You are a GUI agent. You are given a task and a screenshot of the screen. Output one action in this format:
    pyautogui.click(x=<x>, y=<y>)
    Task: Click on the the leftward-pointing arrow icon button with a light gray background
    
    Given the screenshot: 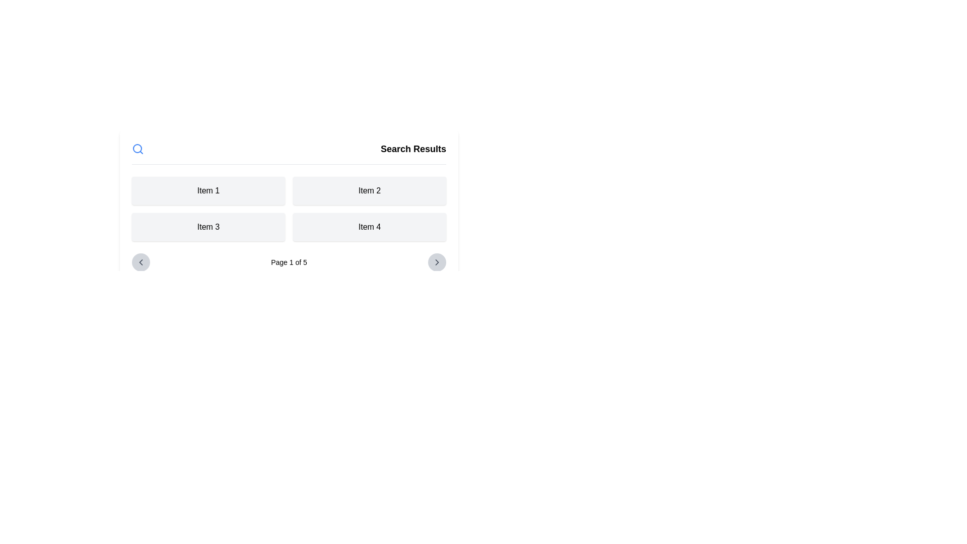 What is the action you would take?
    pyautogui.click(x=140, y=261)
    